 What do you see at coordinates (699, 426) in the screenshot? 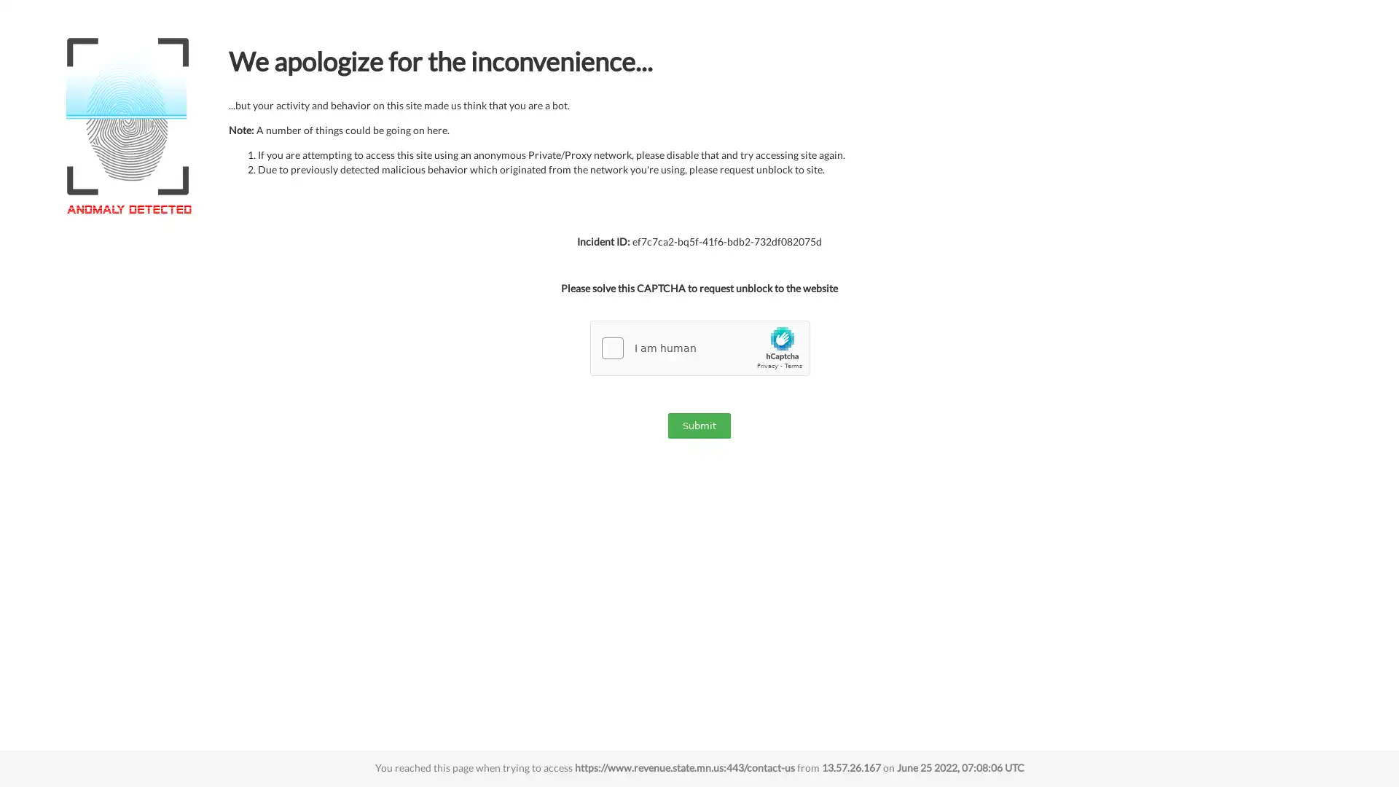
I see `Submit` at bounding box center [699, 426].